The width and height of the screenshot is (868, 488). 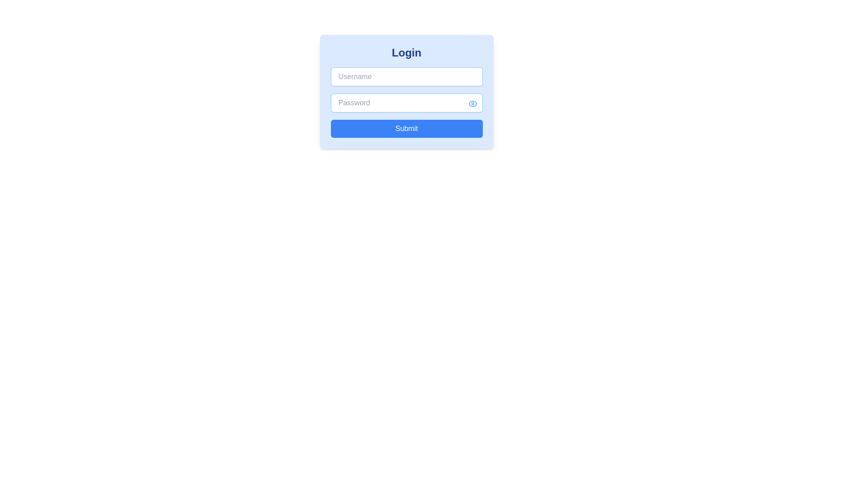 I want to click on the eye icon button located on the right side of the password input field, so click(x=472, y=103).